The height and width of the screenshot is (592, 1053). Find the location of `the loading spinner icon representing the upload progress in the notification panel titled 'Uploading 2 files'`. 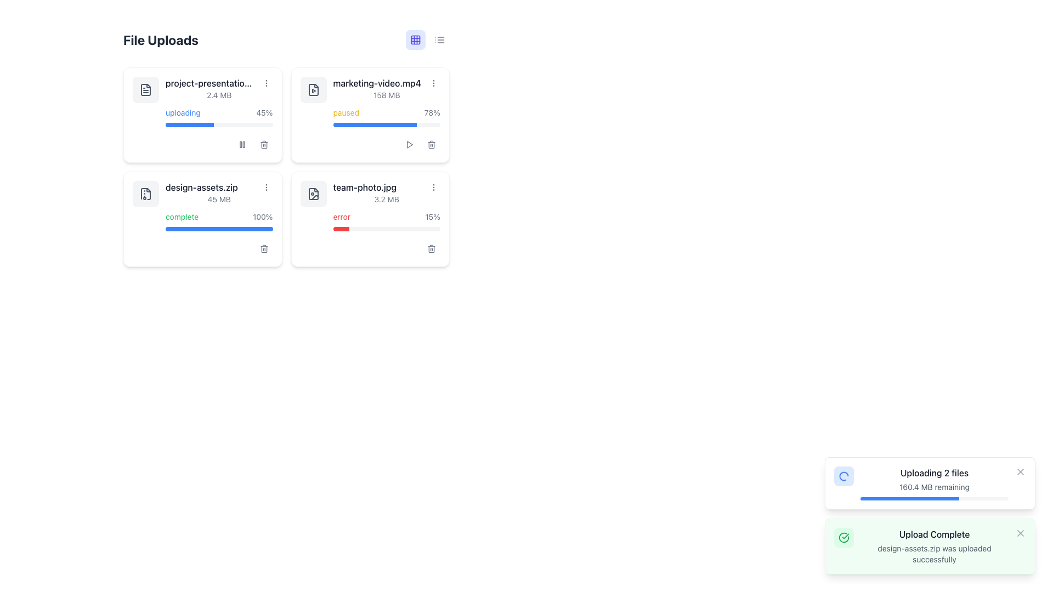

the loading spinner icon representing the upload progress in the notification panel titled 'Uploading 2 files' is located at coordinates (843, 475).